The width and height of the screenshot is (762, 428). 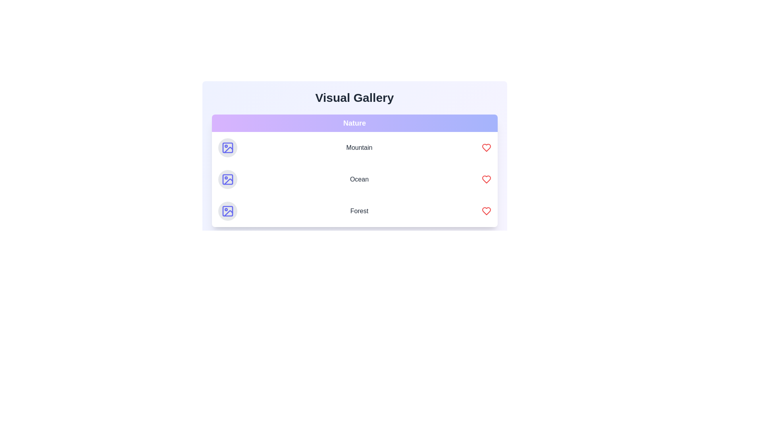 I want to click on the item Forest to see its hover effect, so click(x=354, y=210).